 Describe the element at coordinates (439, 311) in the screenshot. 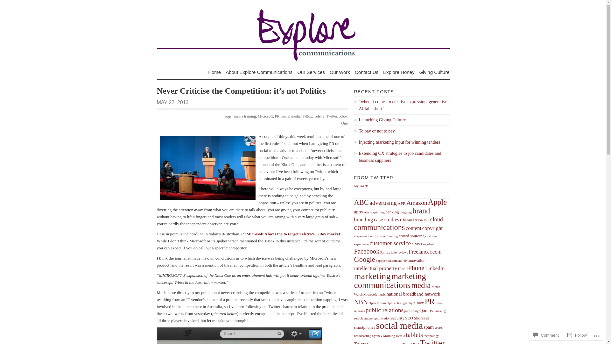

I see `'Samsung'` at that location.